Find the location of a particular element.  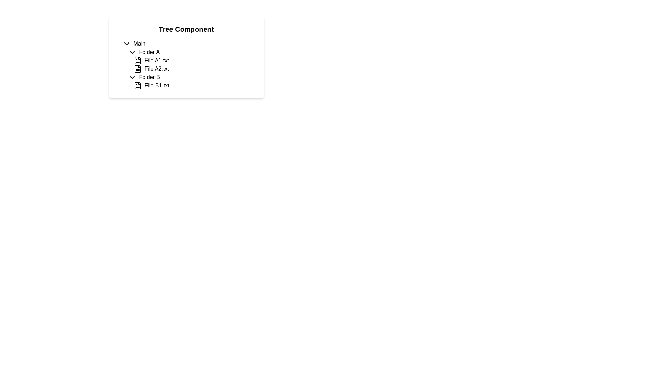

to select the file entry labeled 'File A2.txt' which is the second item under 'Folder A' in the hierarchical tree structure is located at coordinates (192, 69).